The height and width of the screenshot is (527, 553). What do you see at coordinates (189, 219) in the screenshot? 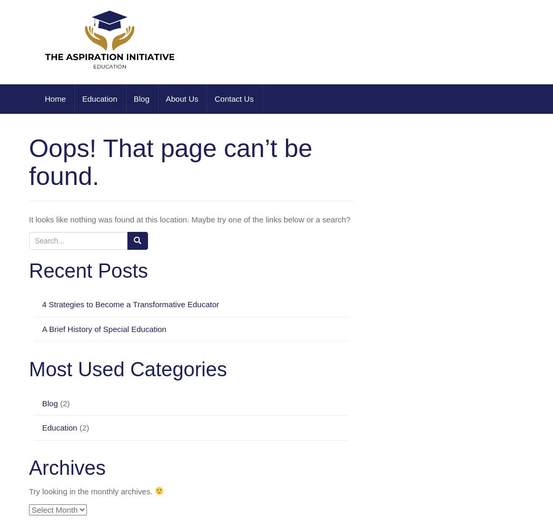
I see `'It looks like nothing was found at this location. Maybe try one of the links below or a search?'` at bounding box center [189, 219].